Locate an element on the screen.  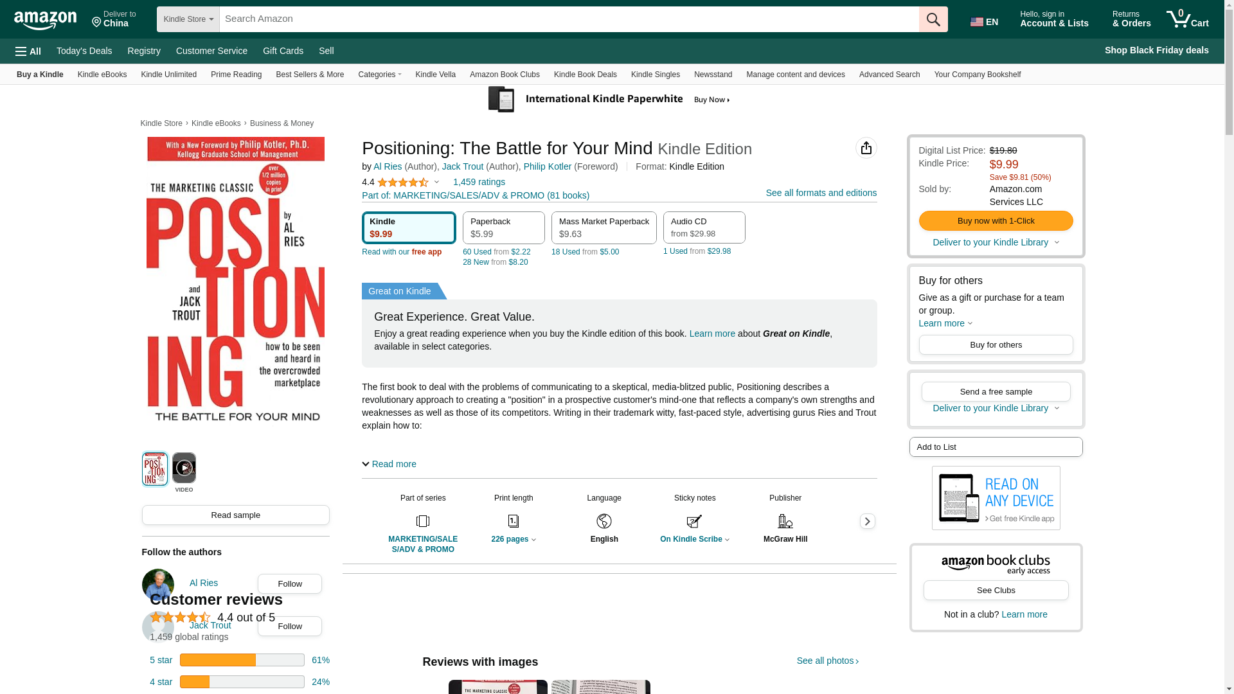
'226 pages' is located at coordinates (490, 539).